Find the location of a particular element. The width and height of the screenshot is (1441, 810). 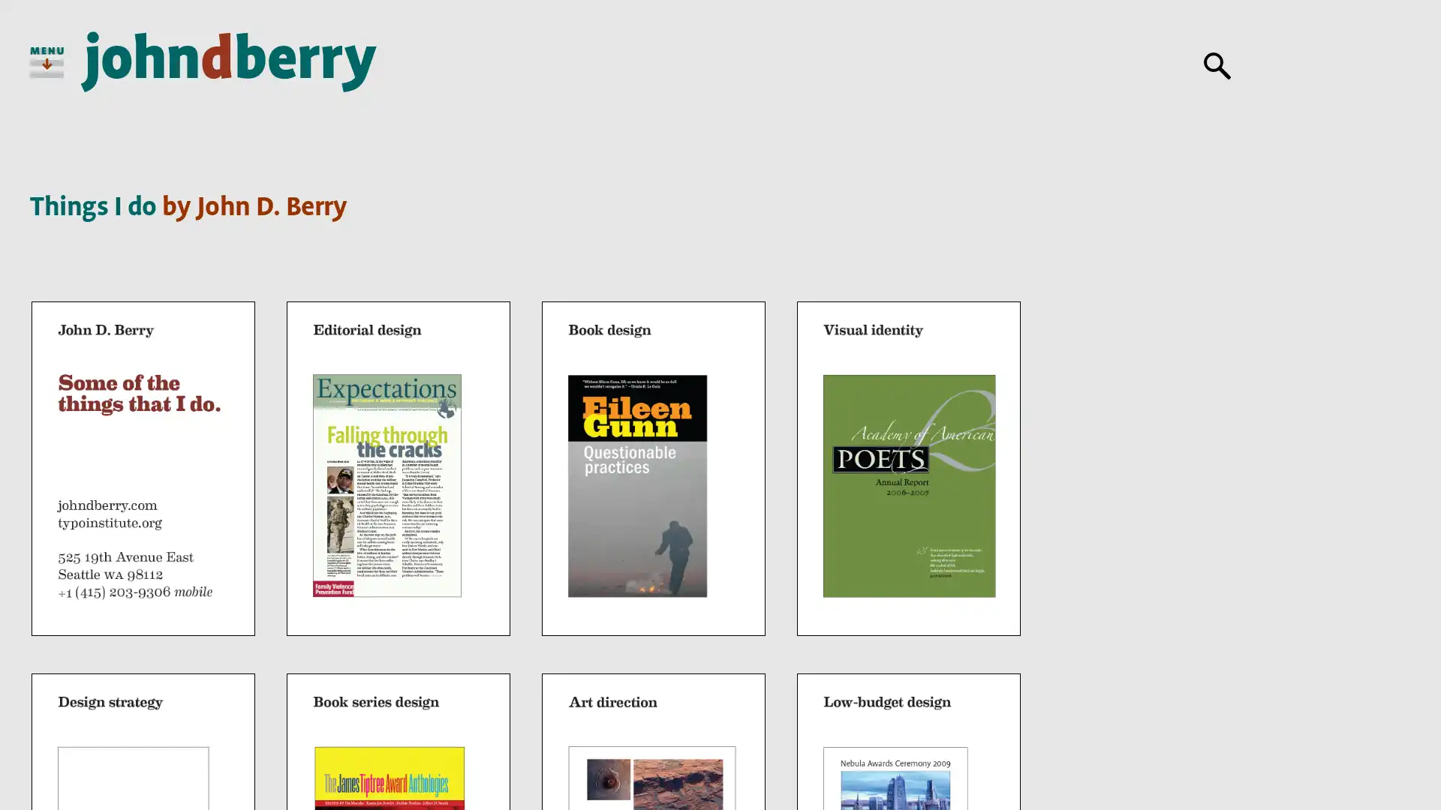

Search is located at coordinates (1217, 65).